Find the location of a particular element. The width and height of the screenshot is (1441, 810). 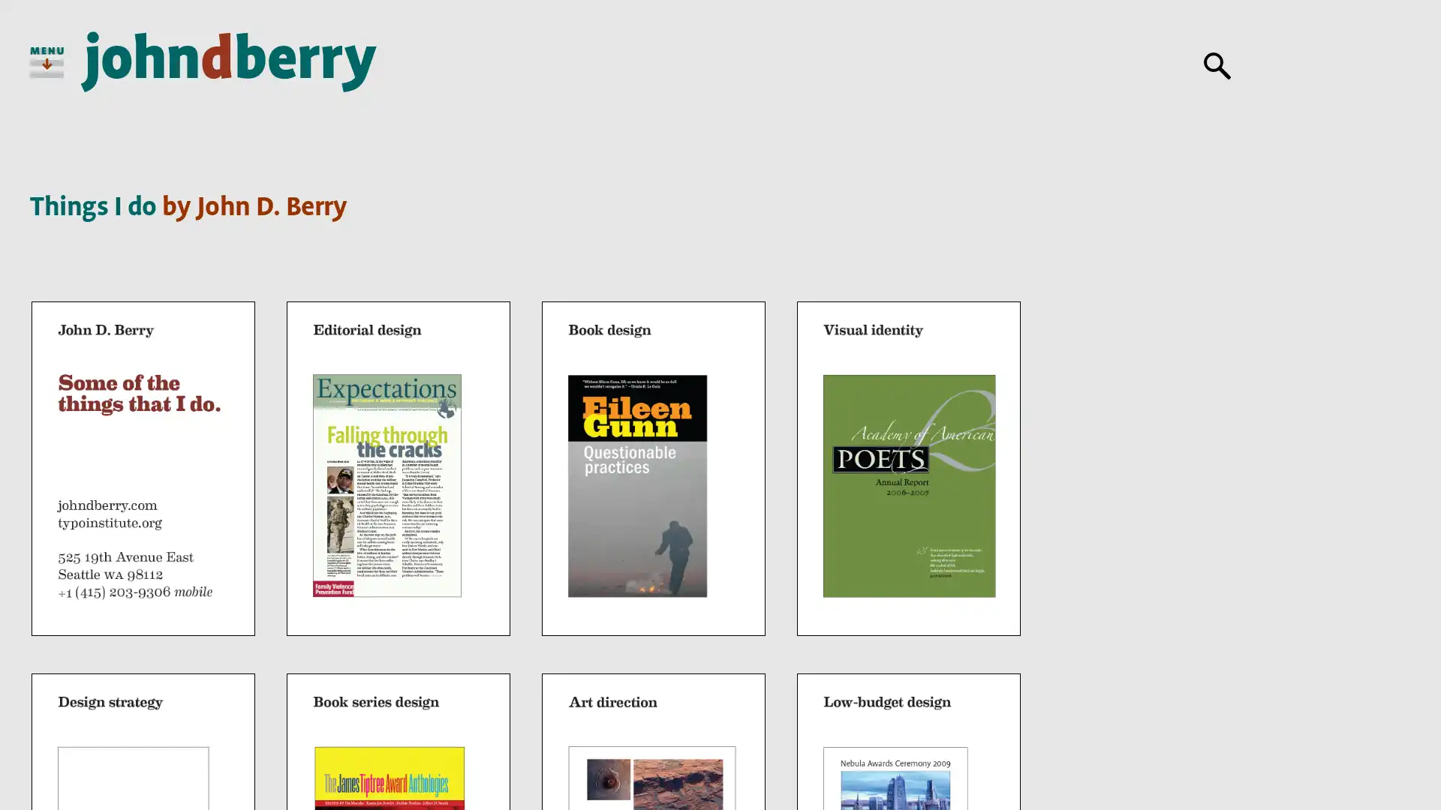

Search is located at coordinates (1217, 65).